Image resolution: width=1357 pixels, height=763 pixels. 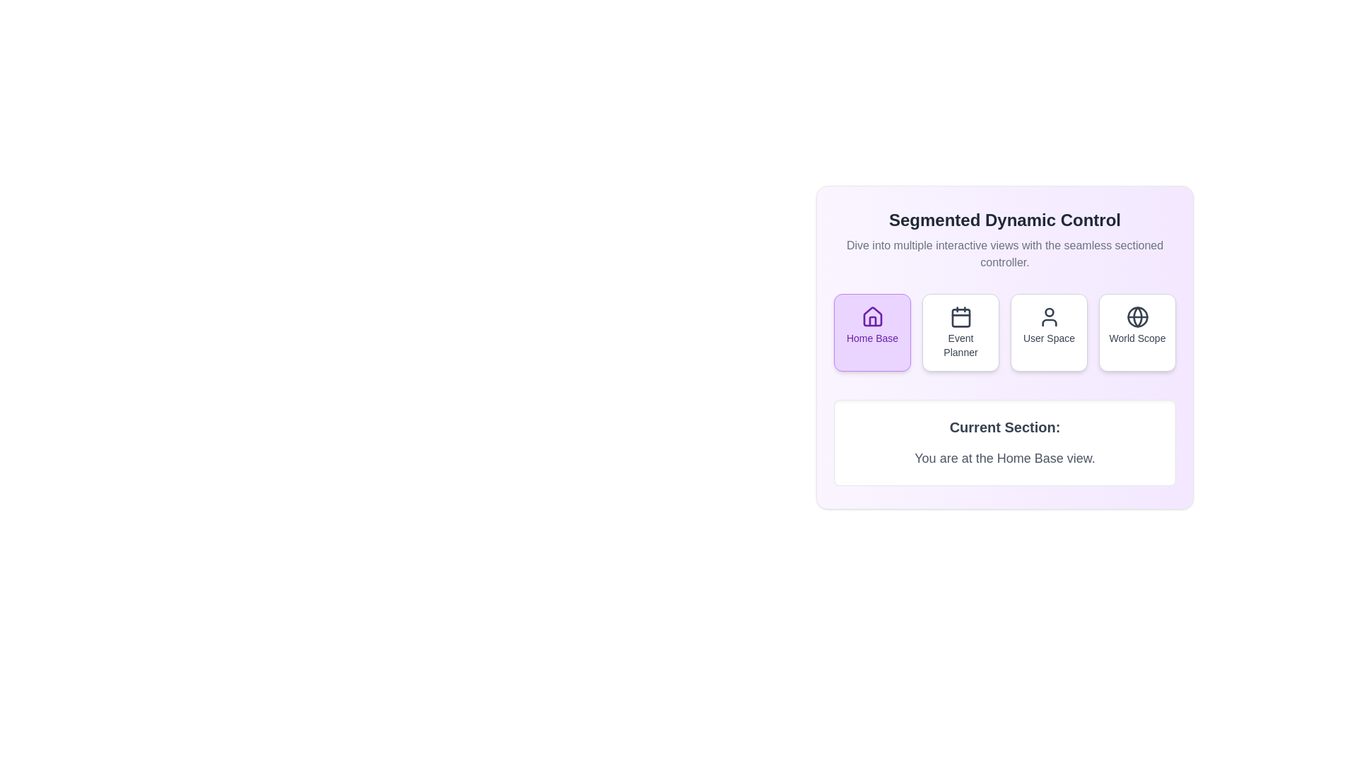 I want to click on the purple house icon located in the first position from the left in the 'Home Base' segmented control area, so click(x=871, y=316).